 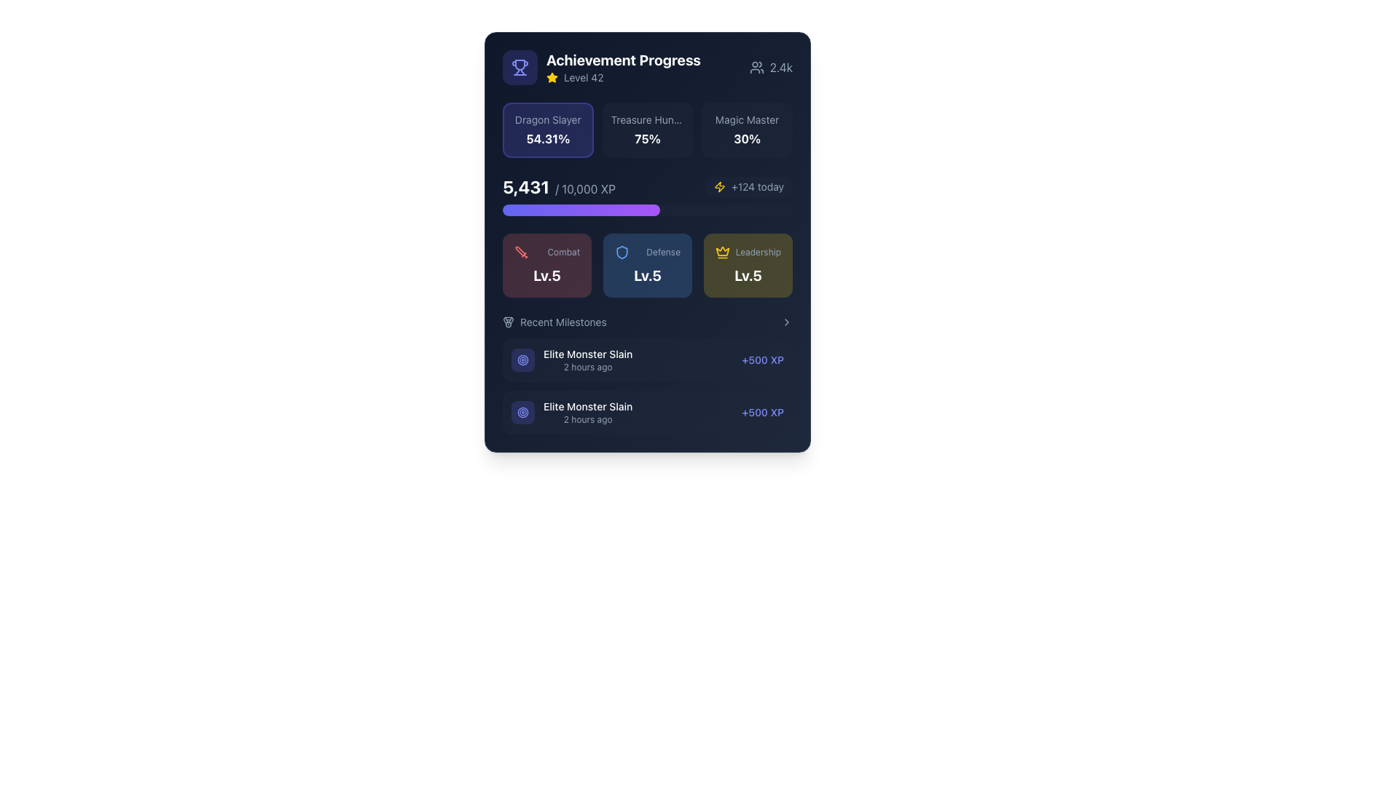 I want to click on the Text Label indicating the user's level, which is positioned to the right of the star icon in the 'Achievement Progress' section, so click(x=584, y=78).